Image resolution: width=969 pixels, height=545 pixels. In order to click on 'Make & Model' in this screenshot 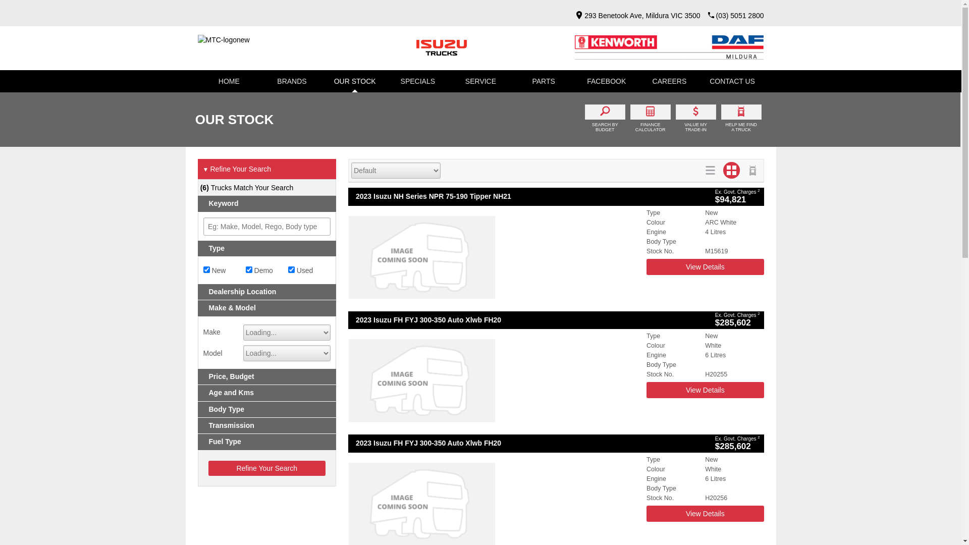, I will do `click(267, 307)`.